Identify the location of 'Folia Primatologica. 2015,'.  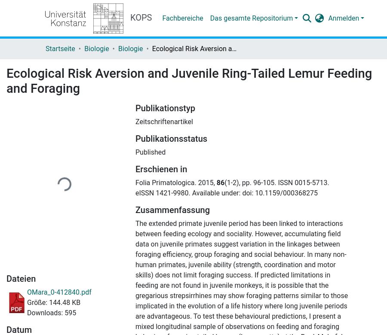
(175, 183).